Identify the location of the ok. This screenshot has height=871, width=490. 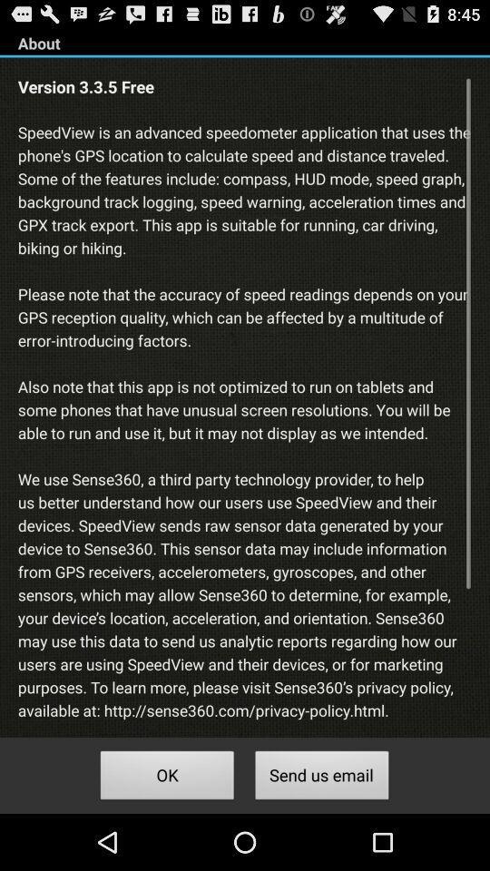
(167, 777).